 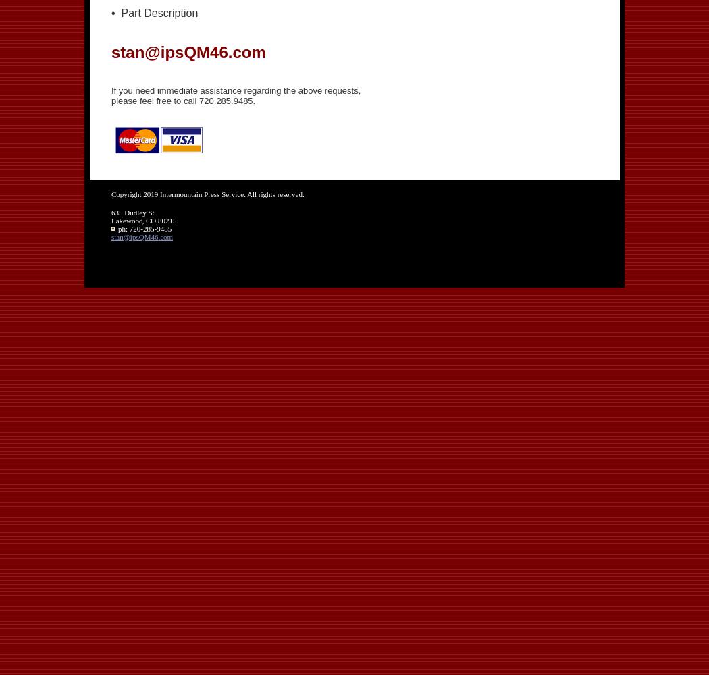 I want to click on '635 Dudley St', so click(x=132, y=211).